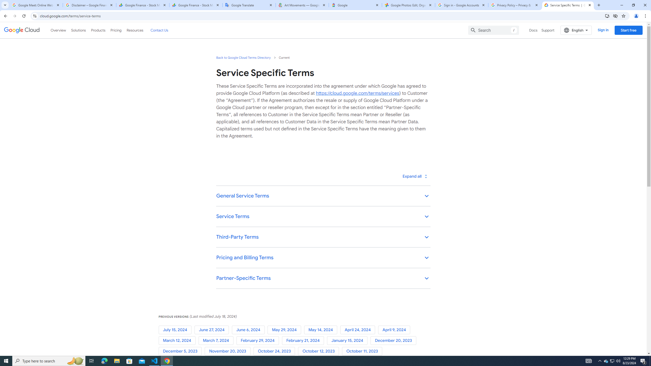  What do you see at coordinates (415, 176) in the screenshot?
I see `'Toggle all'` at bounding box center [415, 176].